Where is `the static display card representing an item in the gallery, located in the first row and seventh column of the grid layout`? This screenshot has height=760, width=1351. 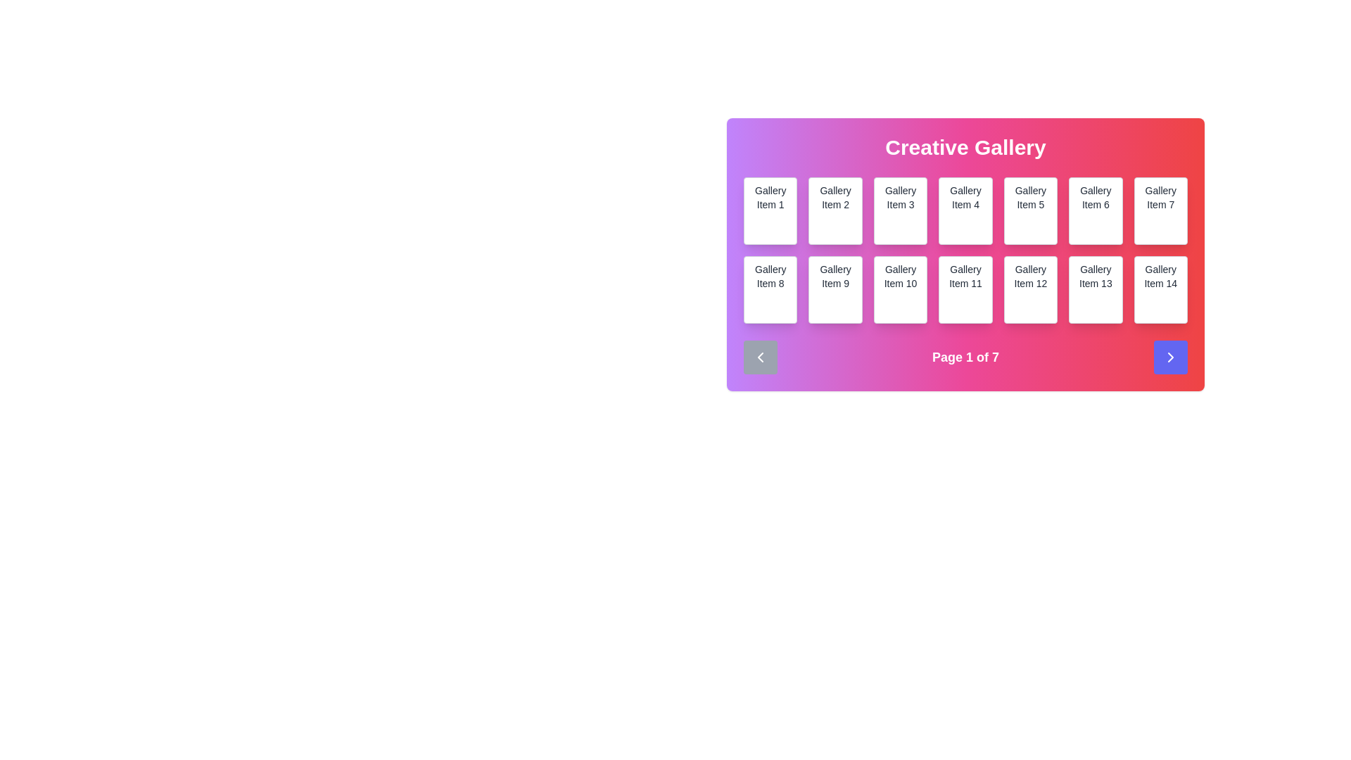
the static display card representing an item in the gallery, located in the first row and seventh column of the grid layout is located at coordinates (1160, 211).